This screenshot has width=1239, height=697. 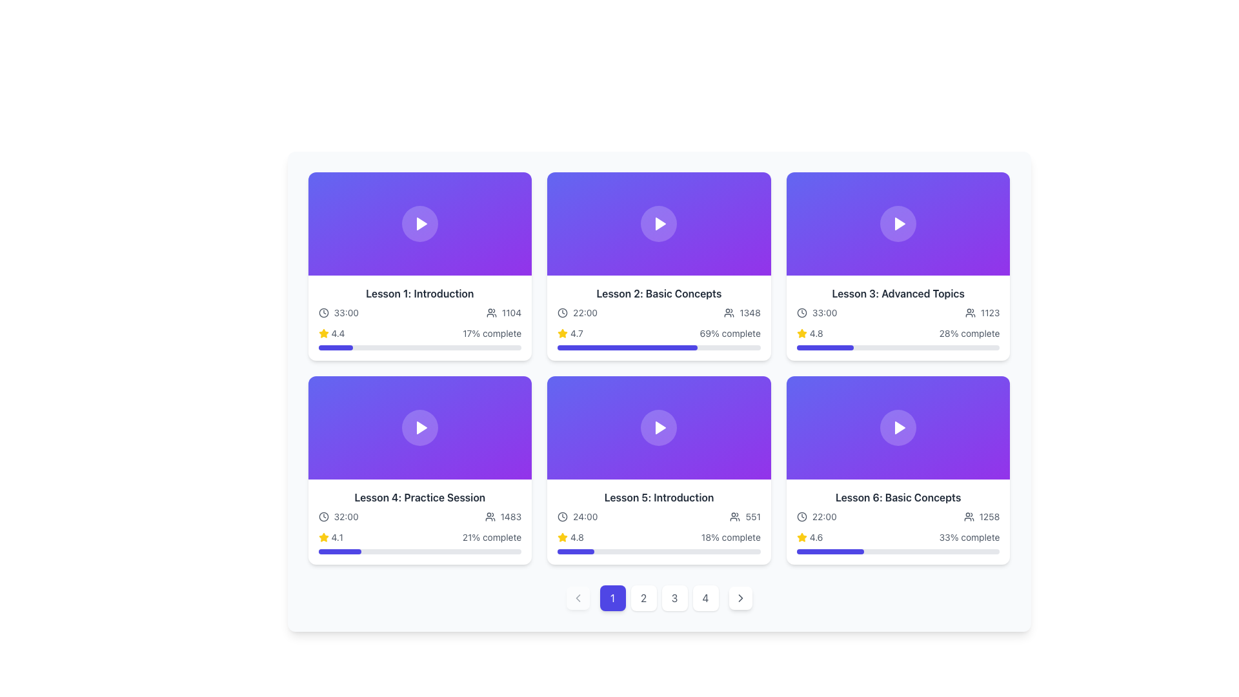 I want to click on metadata from the Information display panel located in the second item of the first row of the lessons grid, beneath 'Lesson 2: Basic Concepts', so click(x=659, y=313).